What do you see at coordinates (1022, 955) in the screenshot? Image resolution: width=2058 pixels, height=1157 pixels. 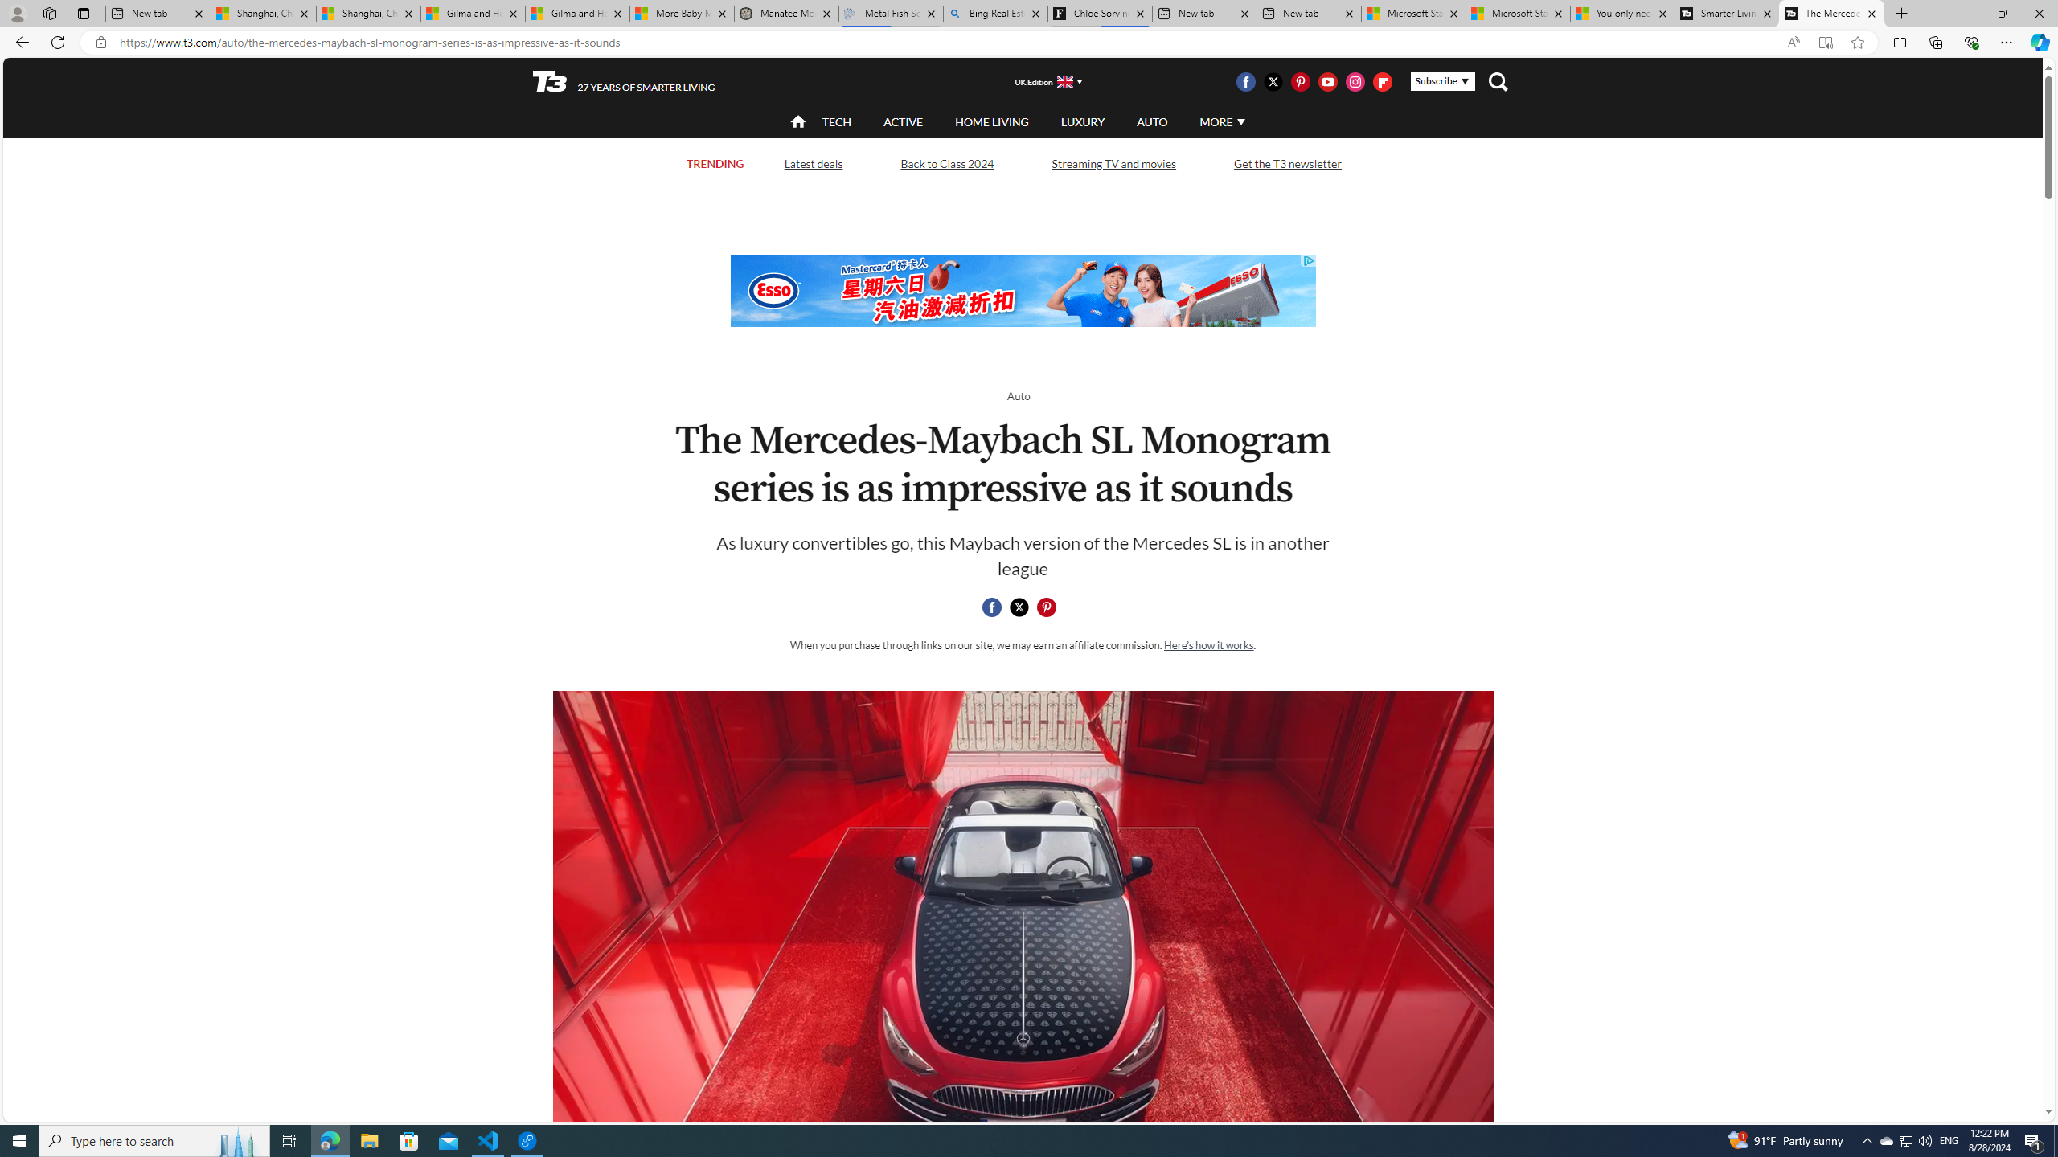 I see `'Mercedes-Maybach SL Monogram Series'` at bounding box center [1022, 955].